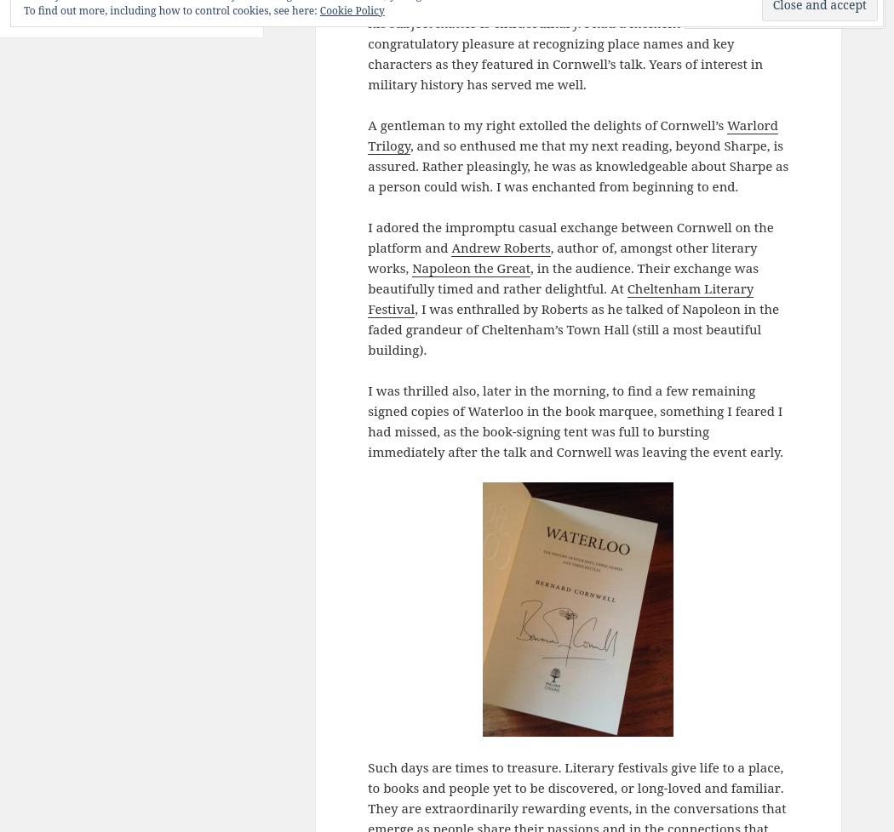 Image resolution: width=894 pixels, height=832 pixels. What do you see at coordinates (366, 124) in the screenshot?
I see `'A gentleman to my right extolled the delights of Cornwell’s'` at bounding box center [366, 124].